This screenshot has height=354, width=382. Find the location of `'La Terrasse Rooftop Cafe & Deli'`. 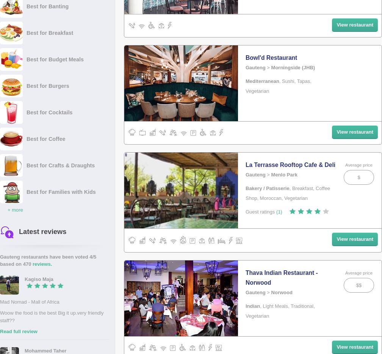

'La Terrasse Rooftop Cafe & Deli' is located at coordinates (246, 164).